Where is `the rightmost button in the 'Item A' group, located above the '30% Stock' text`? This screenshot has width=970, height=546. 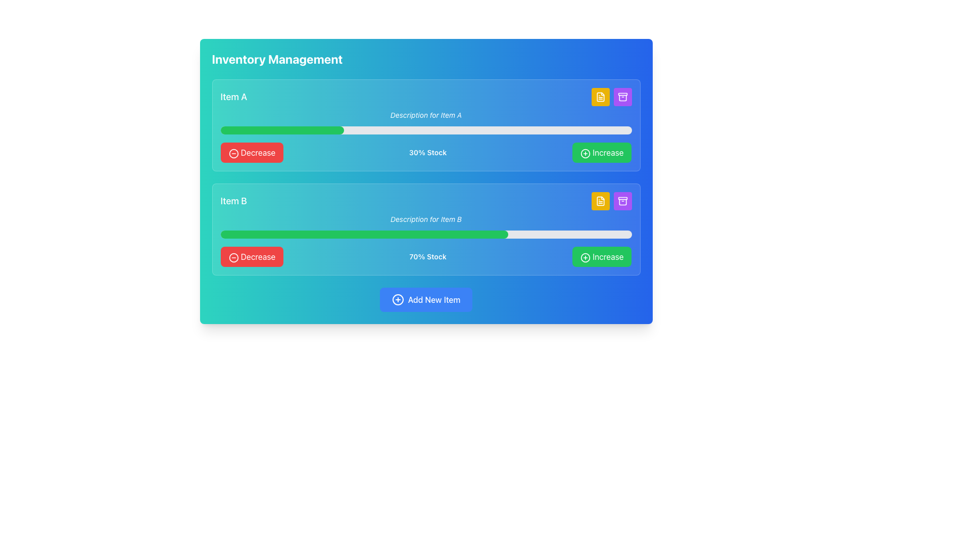
the rightmost button in the 'Item A' group, located above the '30% Stock' text is located at coordinates (602, 152).